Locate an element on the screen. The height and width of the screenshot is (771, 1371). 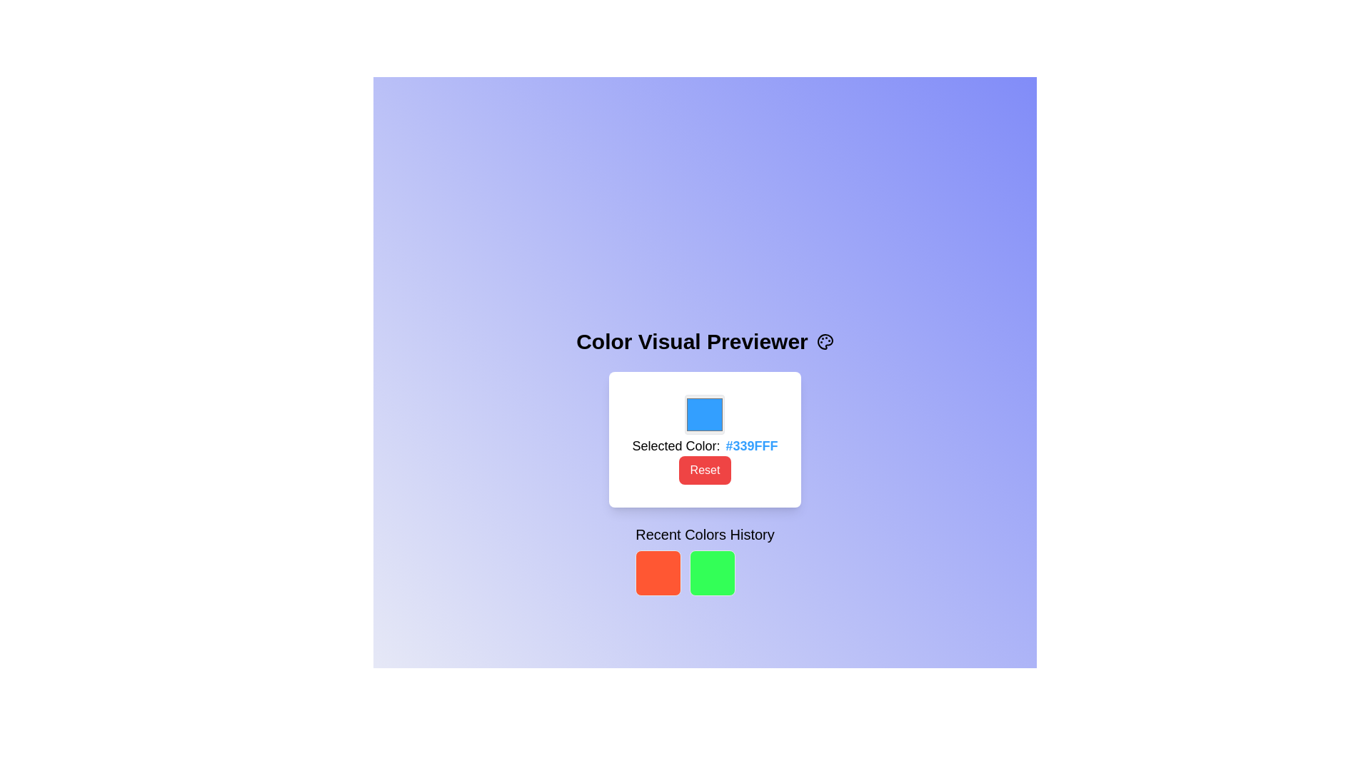
the text display element that shows 'Selected Color: #339FFF', which is centered within a highlighted white panel is located at coordinates (705, 445).